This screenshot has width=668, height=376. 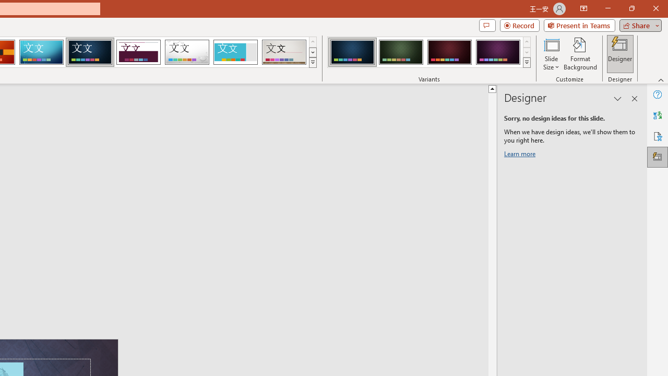 I want to click on 'Learn more', so click(x=521, y=156).